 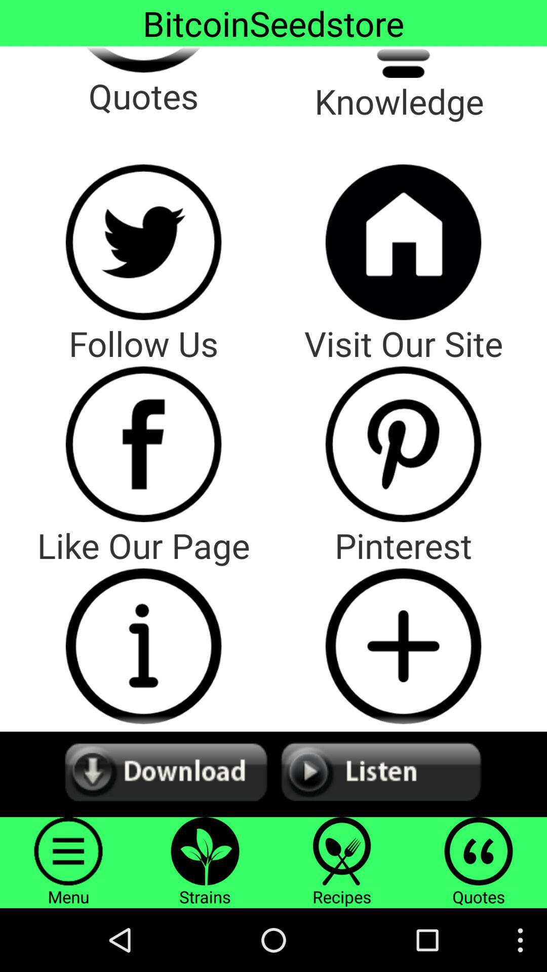 What do you see at coordinates (403, 241) in the screenshot?
I see `home page` at bounding box center [403, 241].